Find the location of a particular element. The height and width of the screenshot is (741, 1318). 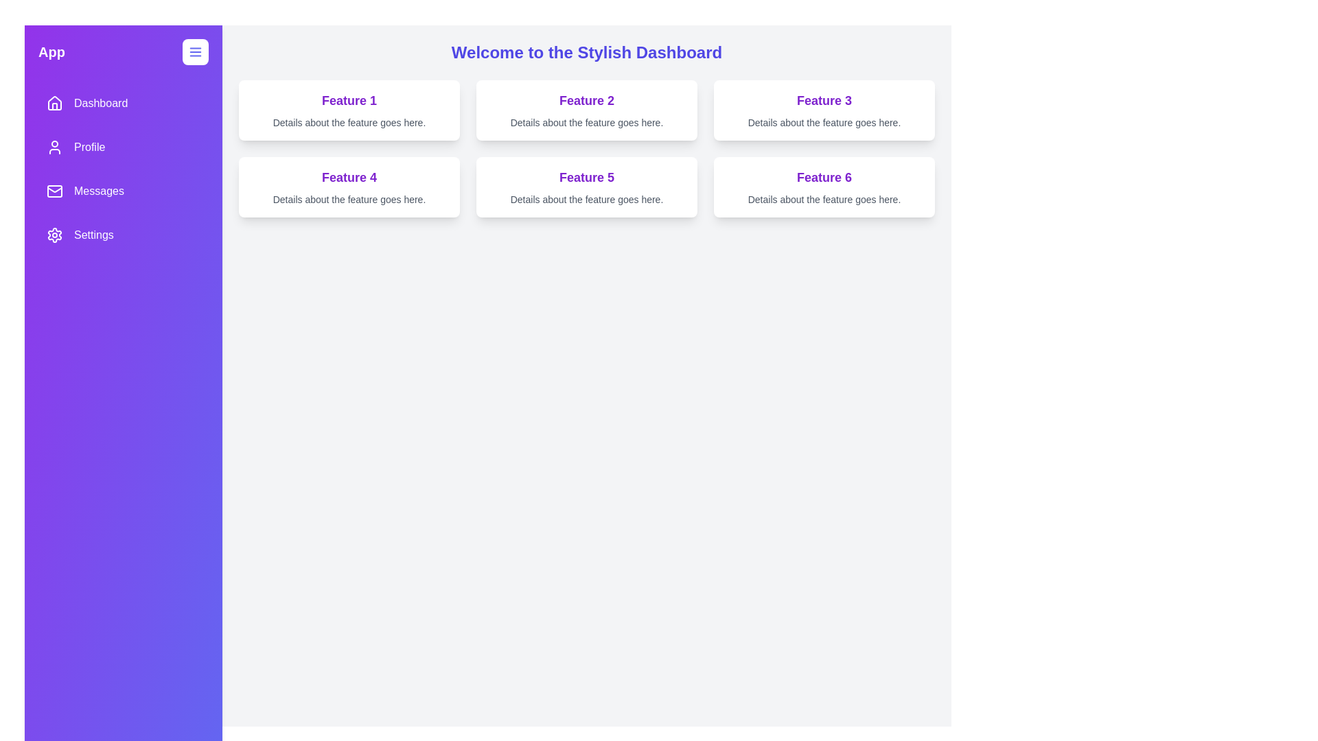

the supplementary text element located below the purple header text in the card labeled 'Feature 6', which is positioned in the second row and third column of the grid layout is located at coordinates (824, 199).